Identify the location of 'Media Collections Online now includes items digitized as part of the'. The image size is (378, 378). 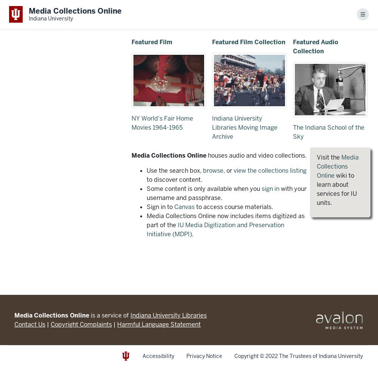
(225, 220).